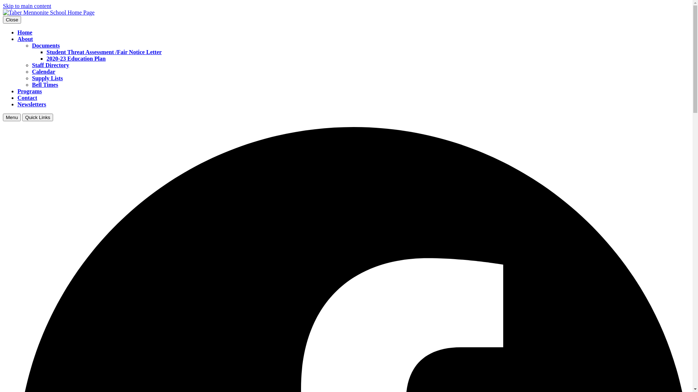 The height and width of the screenshot is (392, 698). I want to click on 'Quick Links', so click(37, 117).